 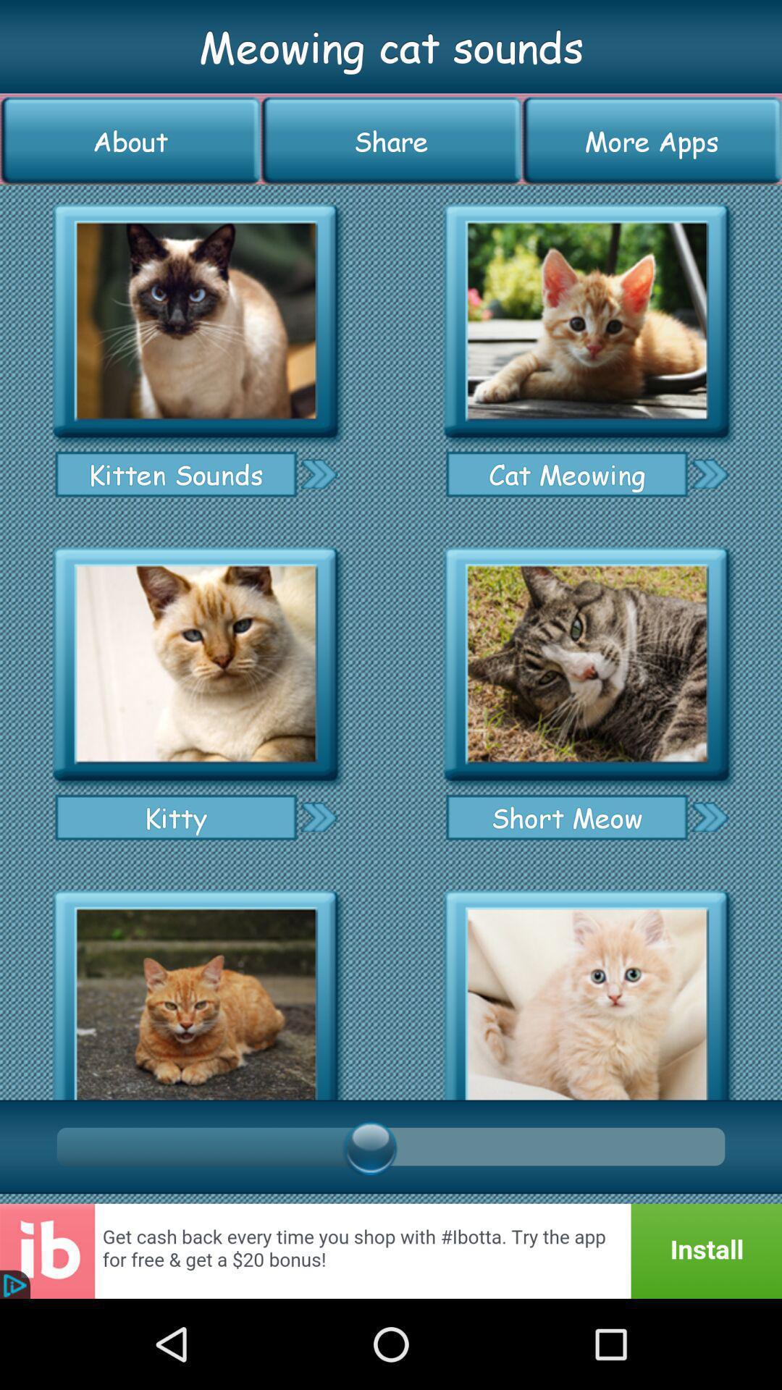 I want to click on item next to share item, so click(x=130, y=140).